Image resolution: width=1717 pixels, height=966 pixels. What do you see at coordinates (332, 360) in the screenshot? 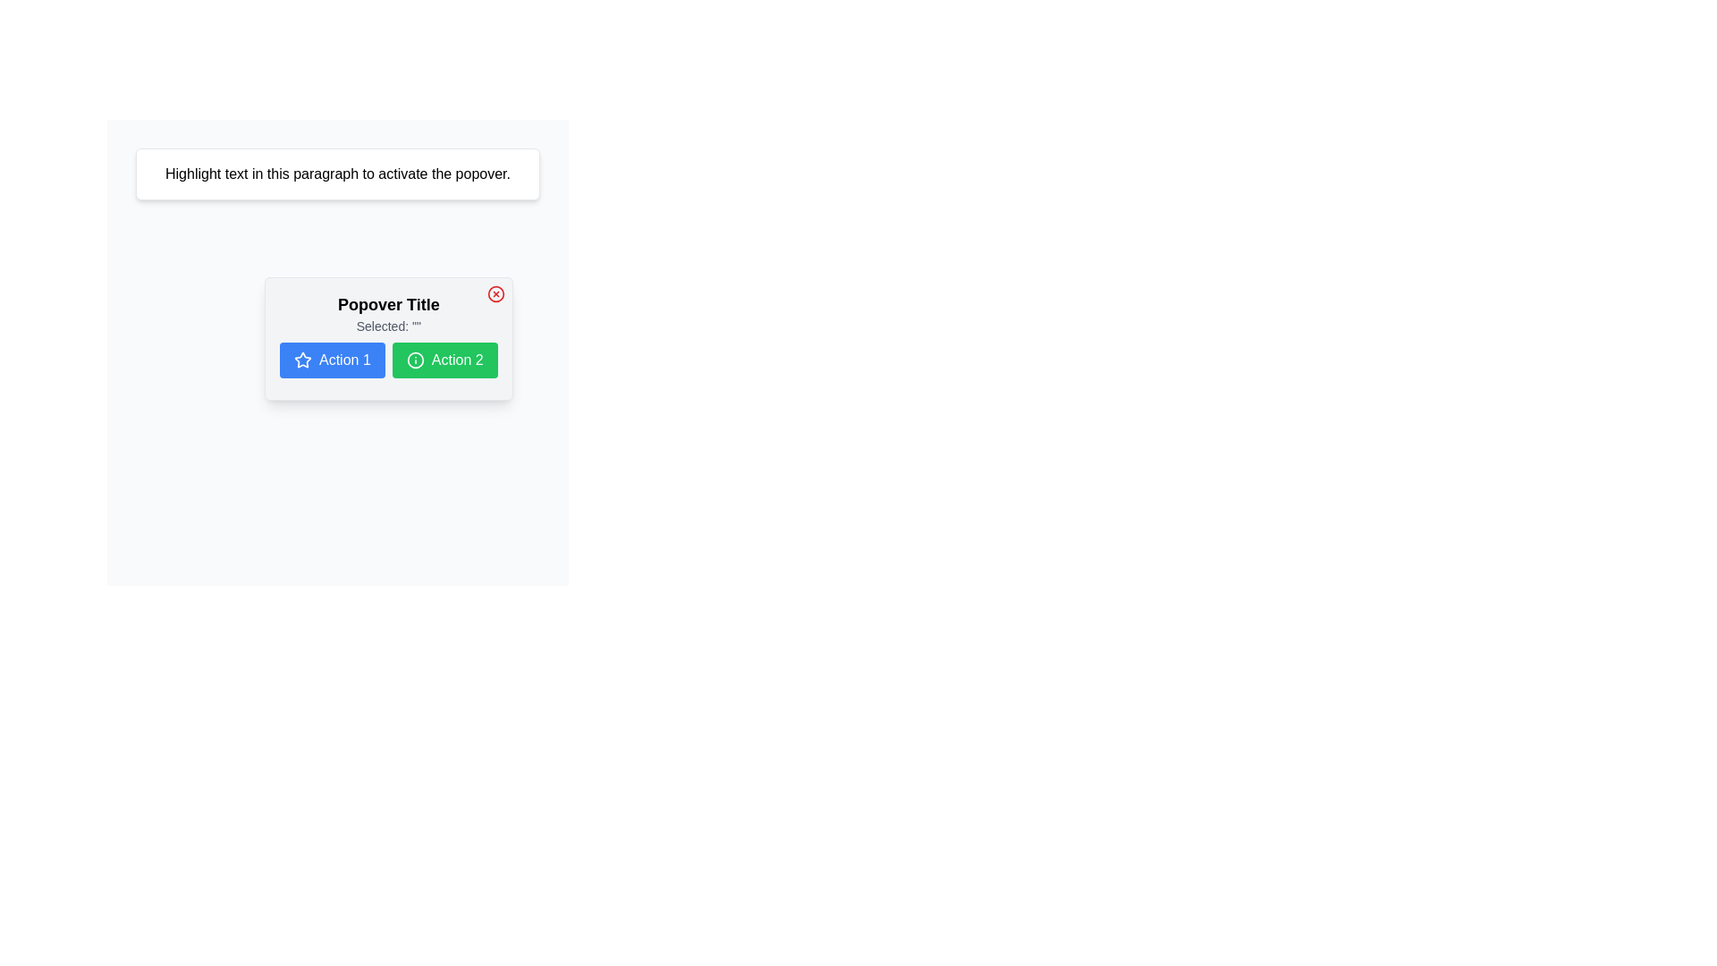
I see `the first button labeled 'Action 1' in the button group` at bounding box center [332, 360].